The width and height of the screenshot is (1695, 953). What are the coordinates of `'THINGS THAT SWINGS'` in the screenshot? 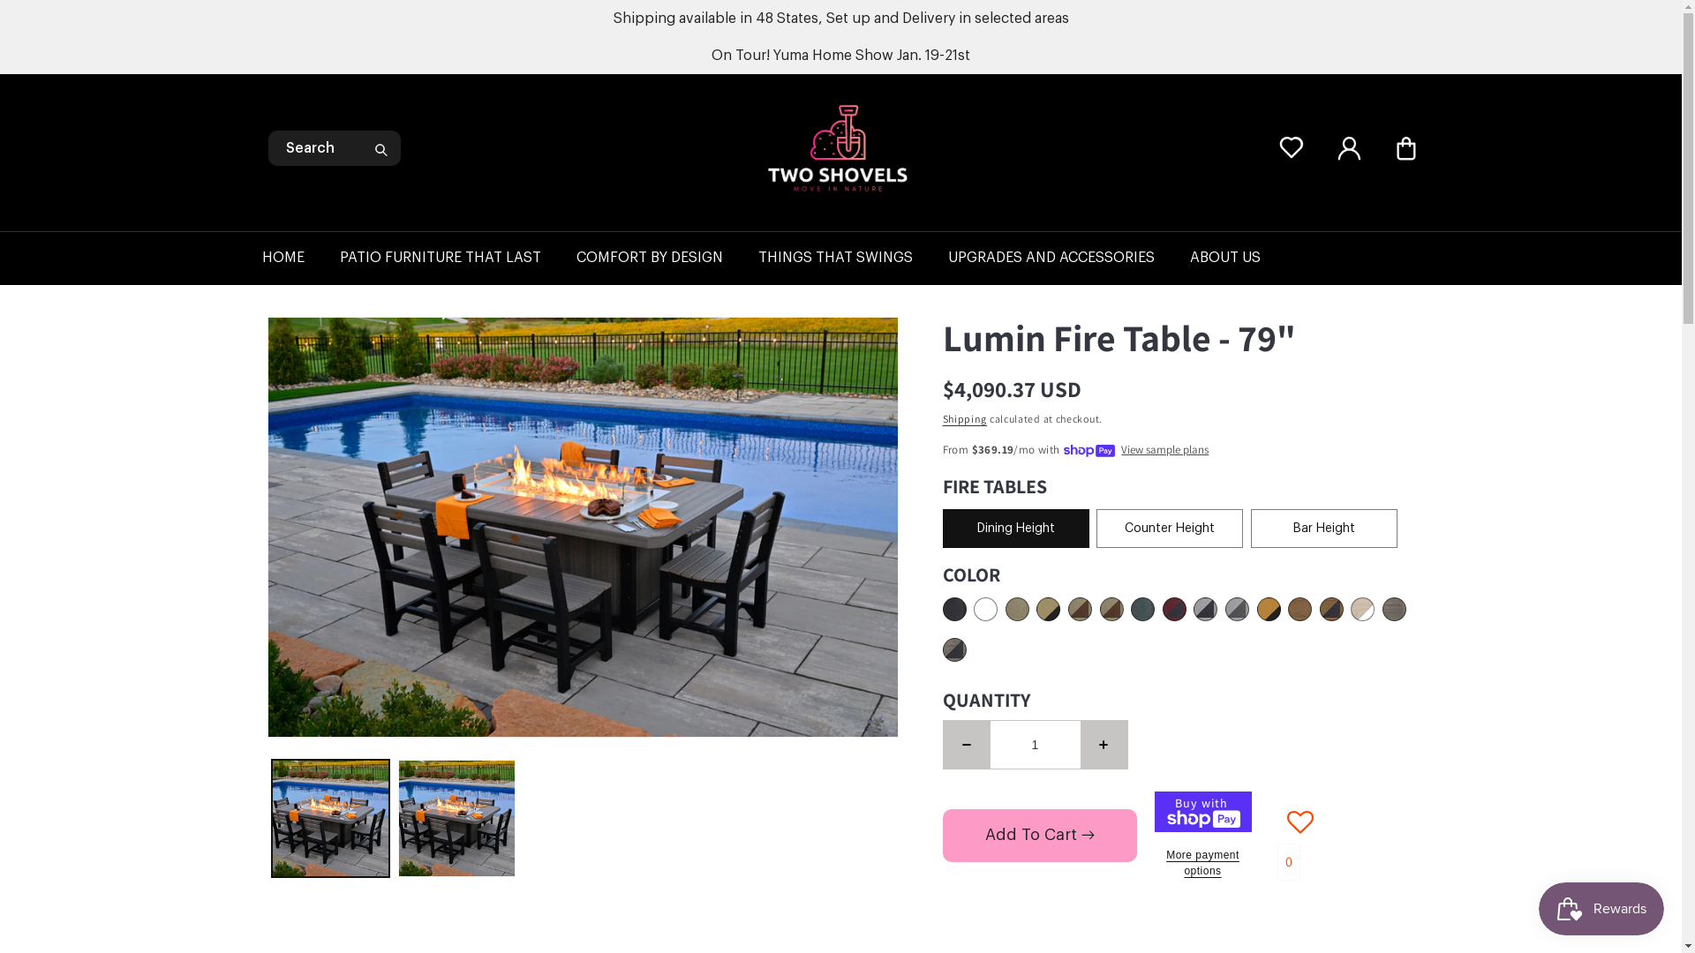 It's located at (852, 258).